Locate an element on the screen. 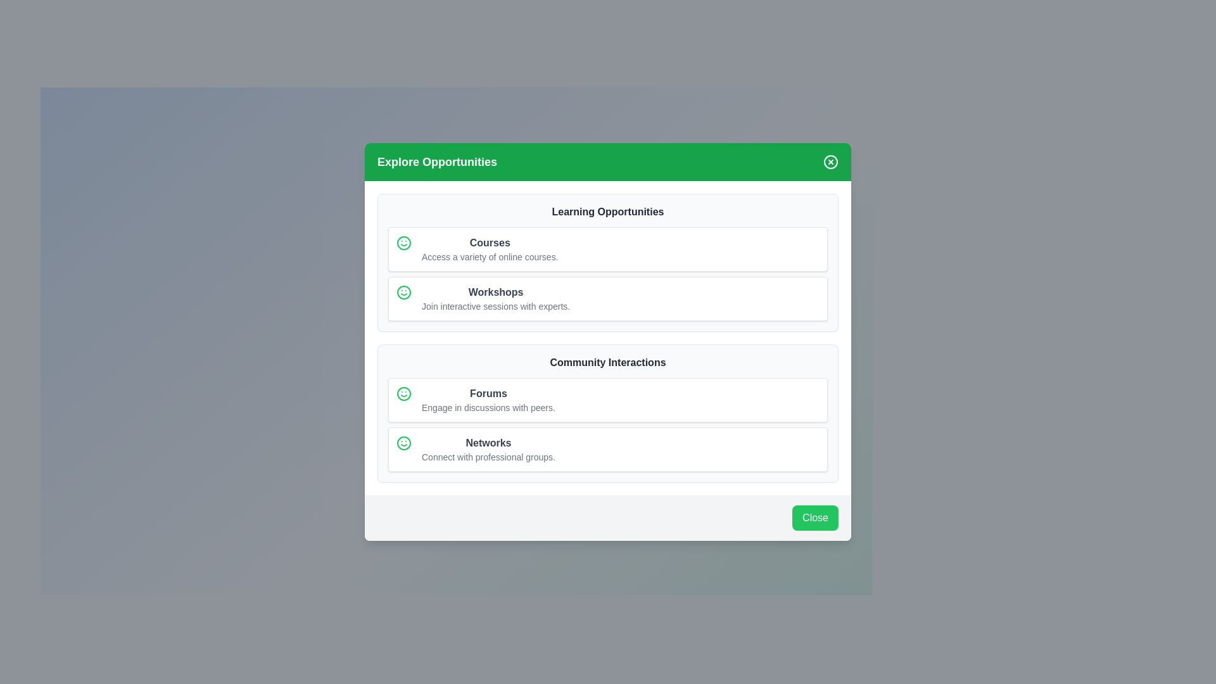 This screenshot has height=684, width=1216. the green circular smiley face icon, which is part of the SVG design and has the class attribute 'lucide-smile', located in the 'Learning Opportunities' section is located at coordinates (403, 243).